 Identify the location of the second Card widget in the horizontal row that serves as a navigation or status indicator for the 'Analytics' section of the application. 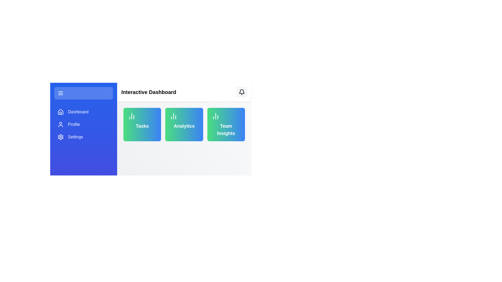
(184, 125).